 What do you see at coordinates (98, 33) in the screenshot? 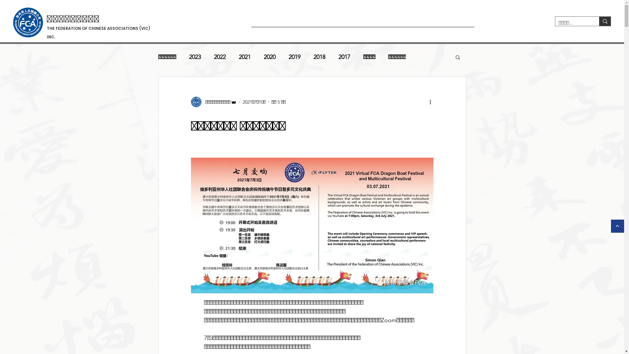
I see `'THE FEDERATION OF CHINESE ASSOCIATIONS (VIC) INC.'` at bounding box center [98, 33].